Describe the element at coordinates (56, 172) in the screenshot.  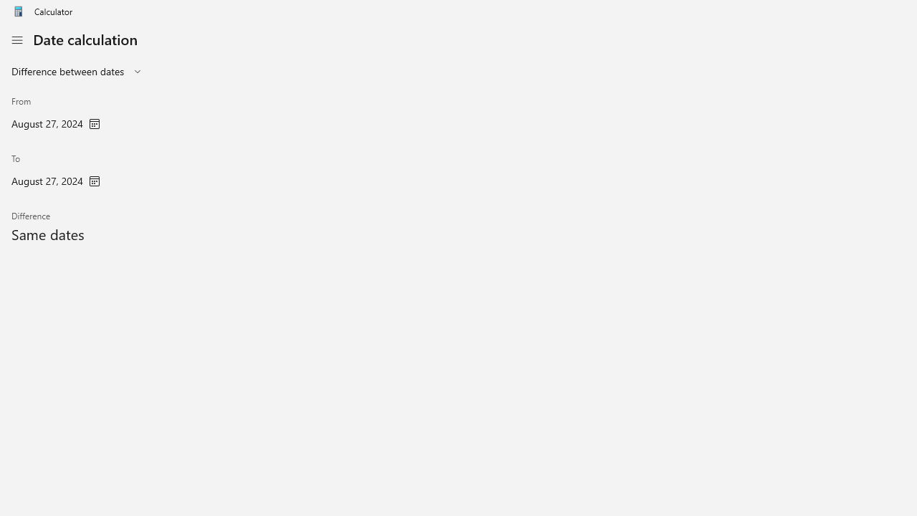
I see `'To'` at that location.